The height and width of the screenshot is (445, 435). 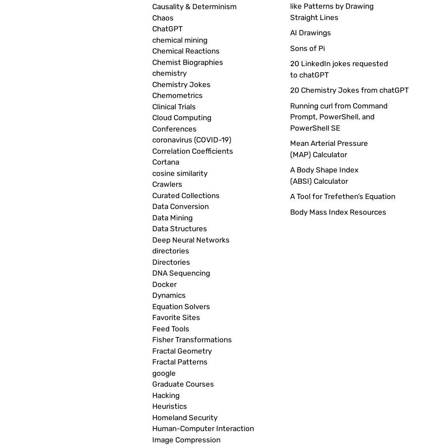 What do you see at coordinates (180, 39) in the screenshot?
I see `'chemical mining'` at bounding box center [180, 39].